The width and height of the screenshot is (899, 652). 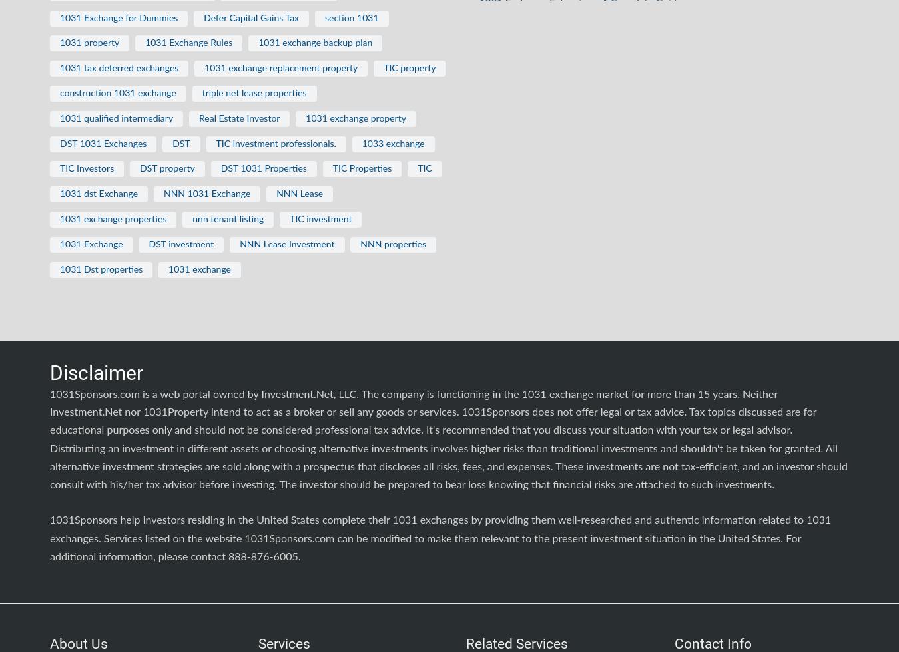 I want to click on '1031 qualified intermediary', so click(x=116, y=118).